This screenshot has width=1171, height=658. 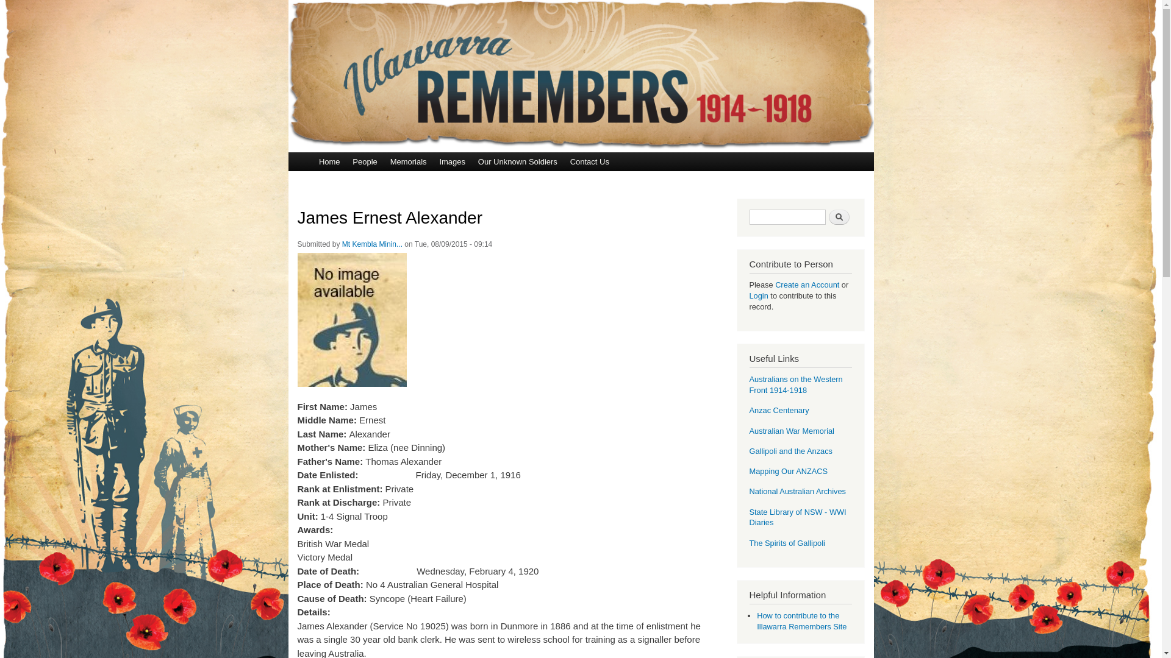 I want to click on 'Home', so click(x=329, y=161).